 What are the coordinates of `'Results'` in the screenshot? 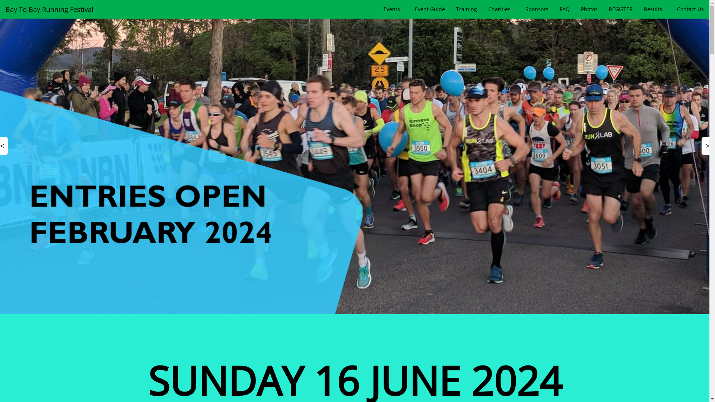 It's located at (638, 9).